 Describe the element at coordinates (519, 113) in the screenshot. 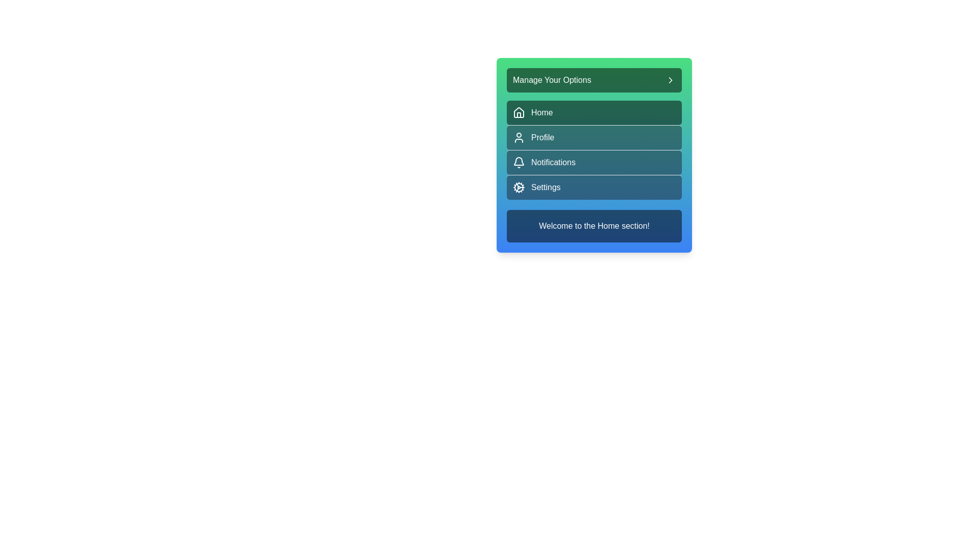

I see `the house icon located on the left side of the 'Home' button in the first row of the vertical menu as a visual cue` at that location.